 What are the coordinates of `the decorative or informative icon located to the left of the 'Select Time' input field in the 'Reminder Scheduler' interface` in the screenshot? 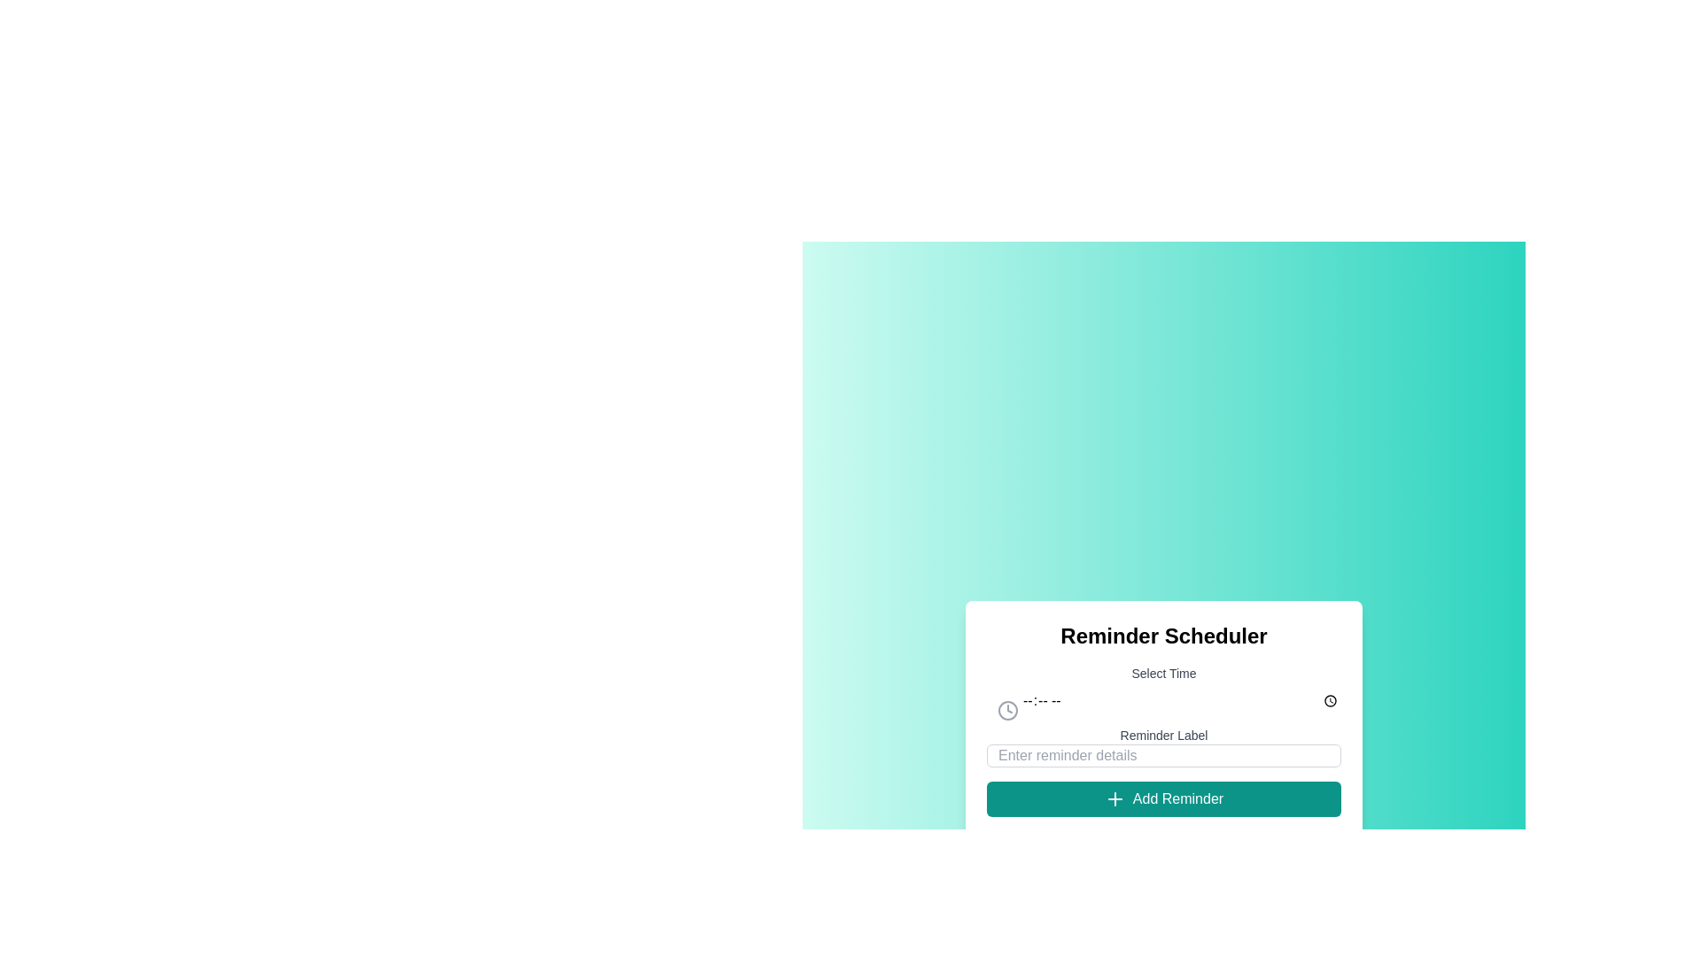 It's located at (1007, 709).